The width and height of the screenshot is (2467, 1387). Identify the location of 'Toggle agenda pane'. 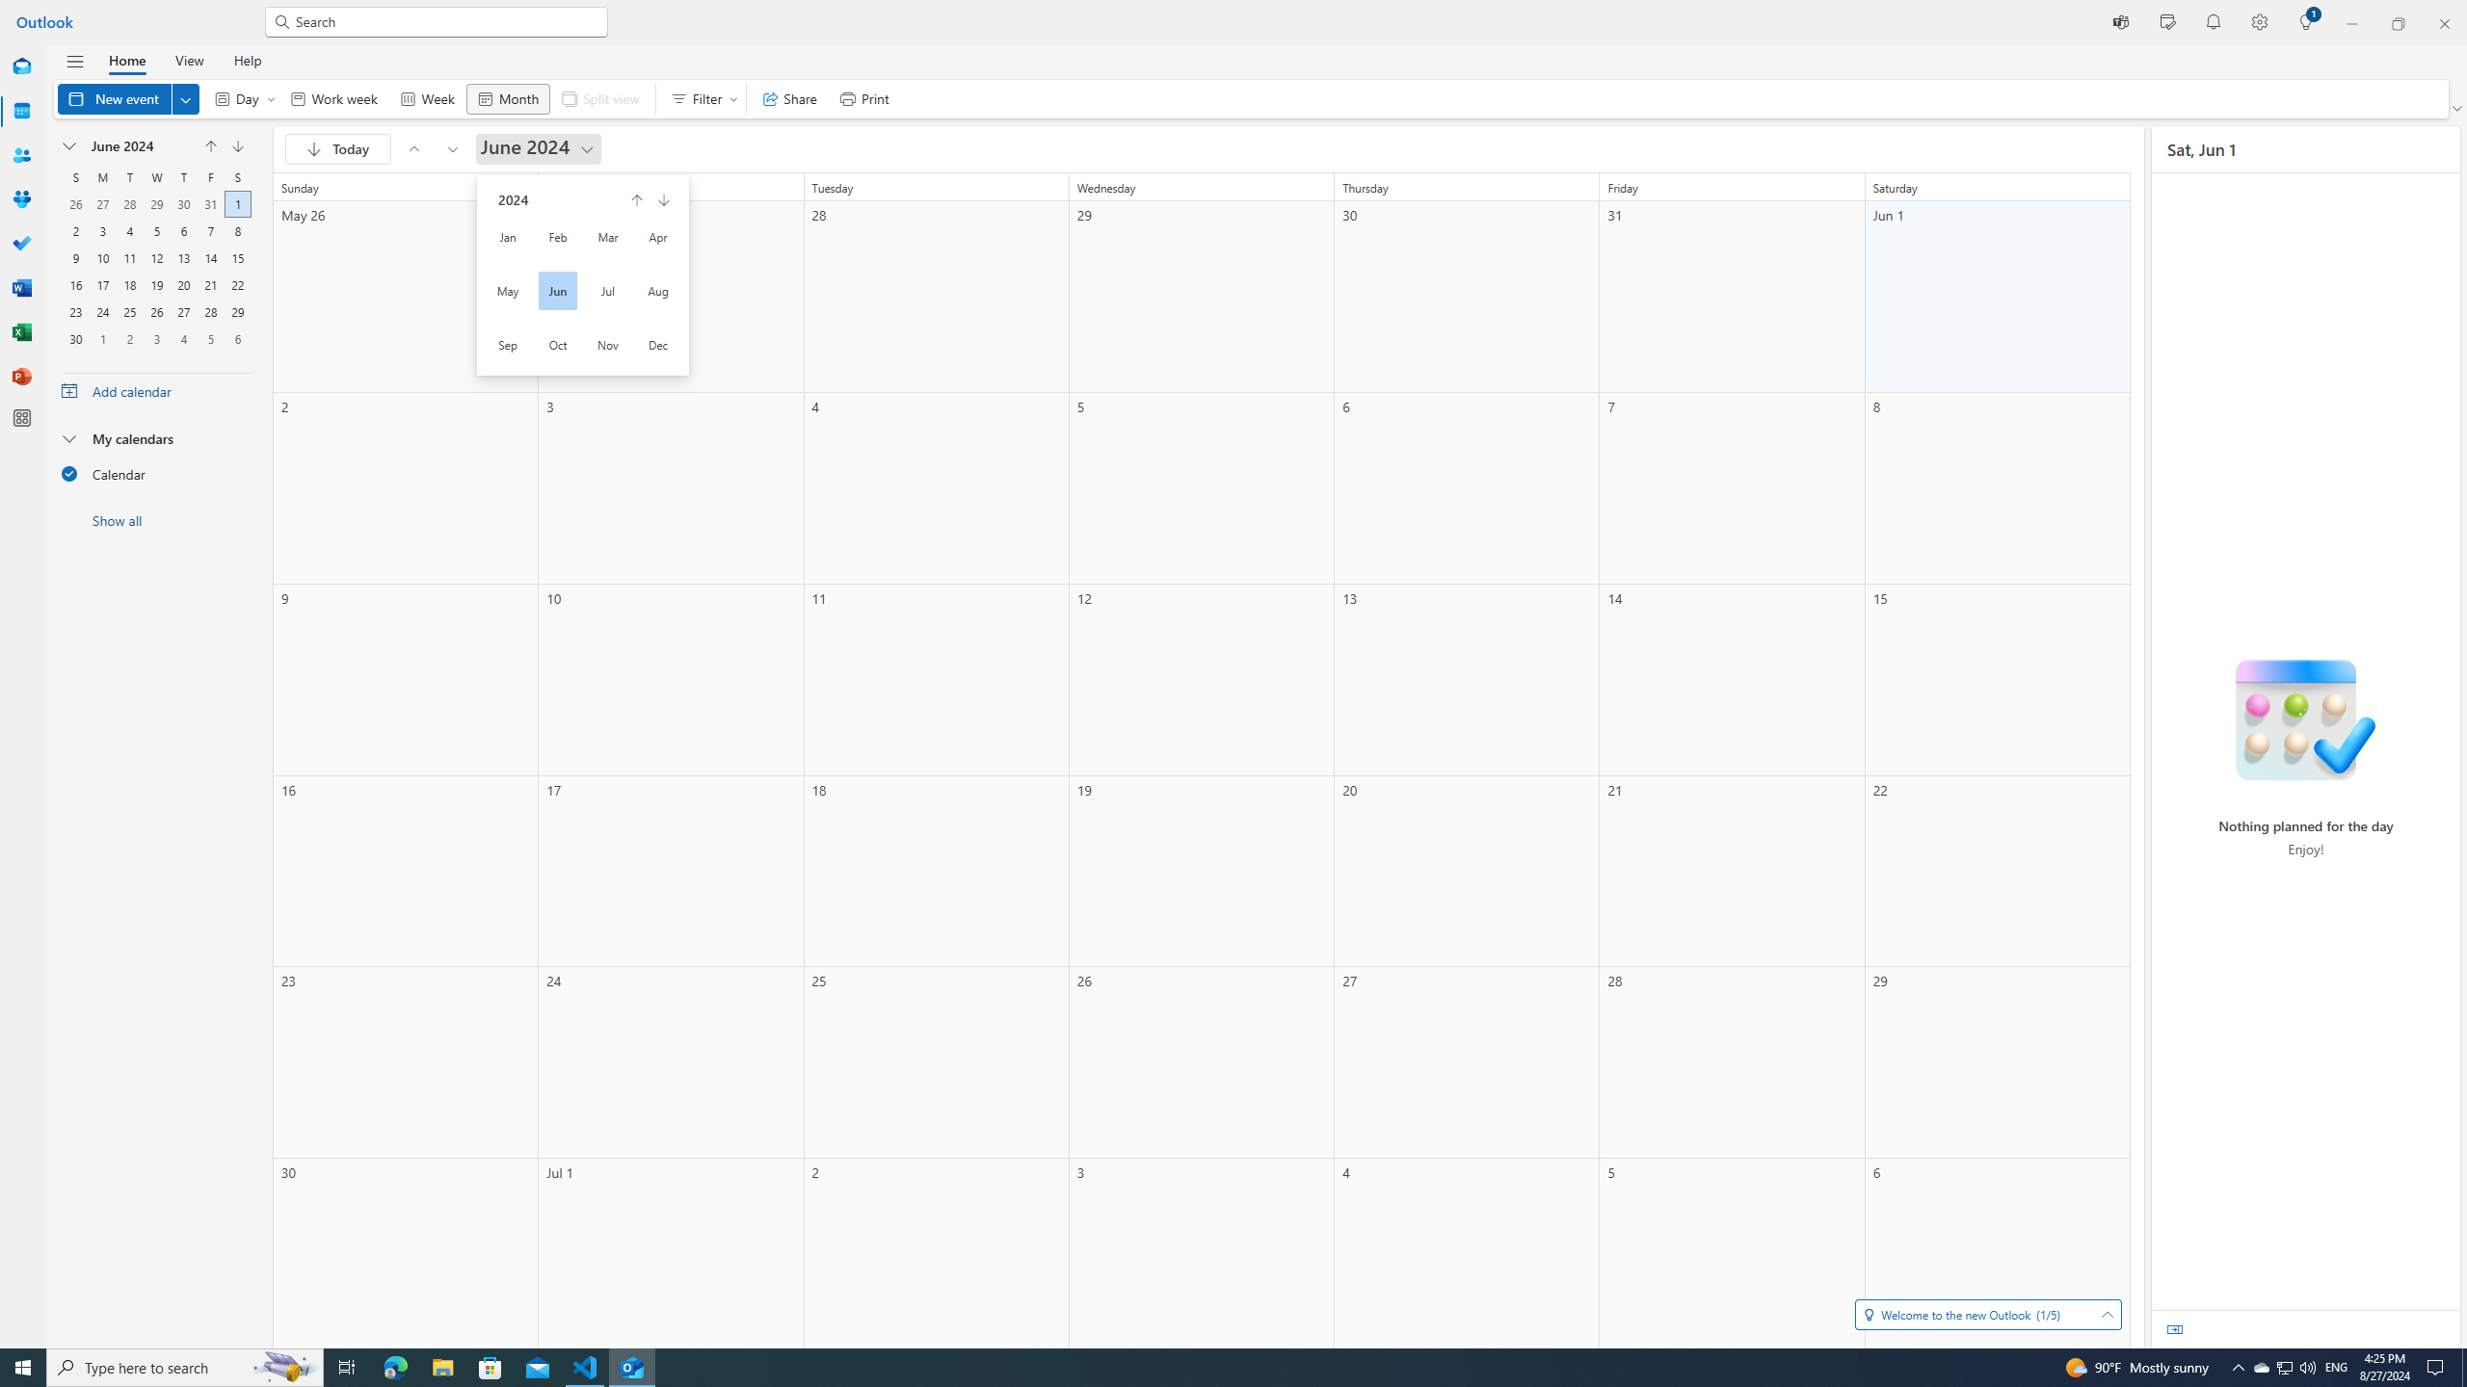
(2173, 1328).